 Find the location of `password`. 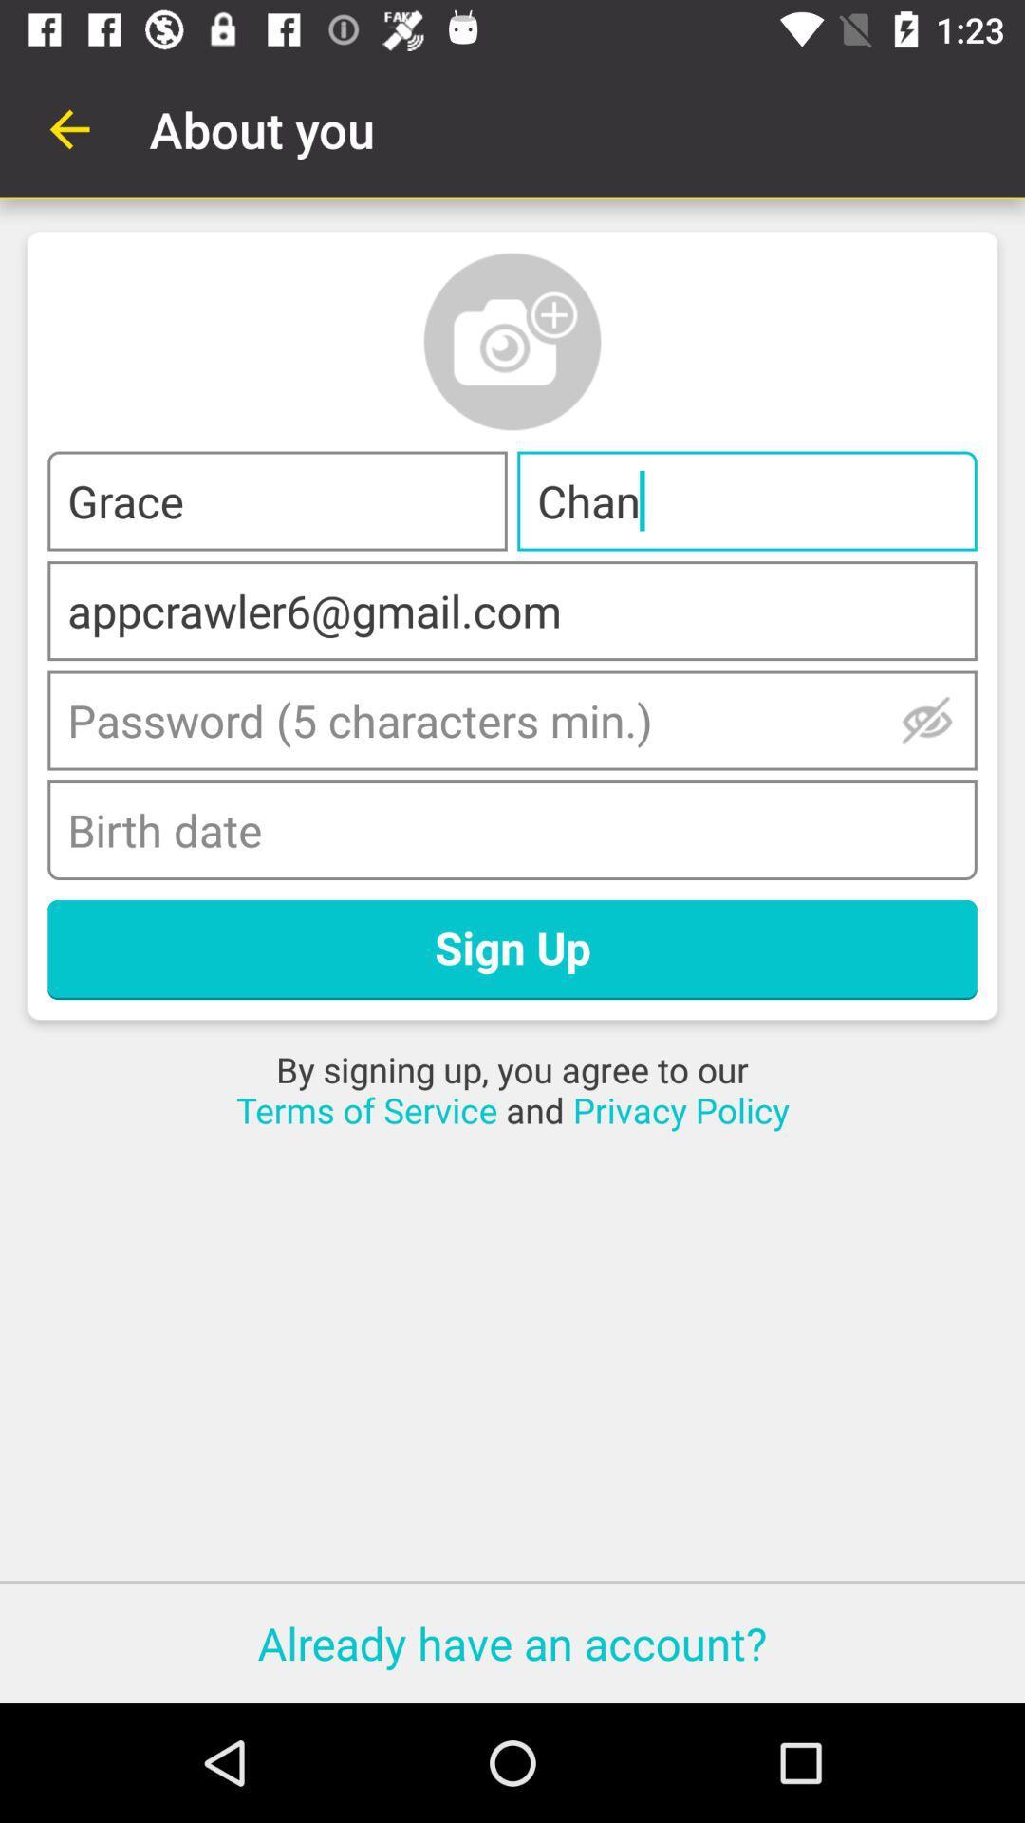

password is located at coordinates (512, 719).